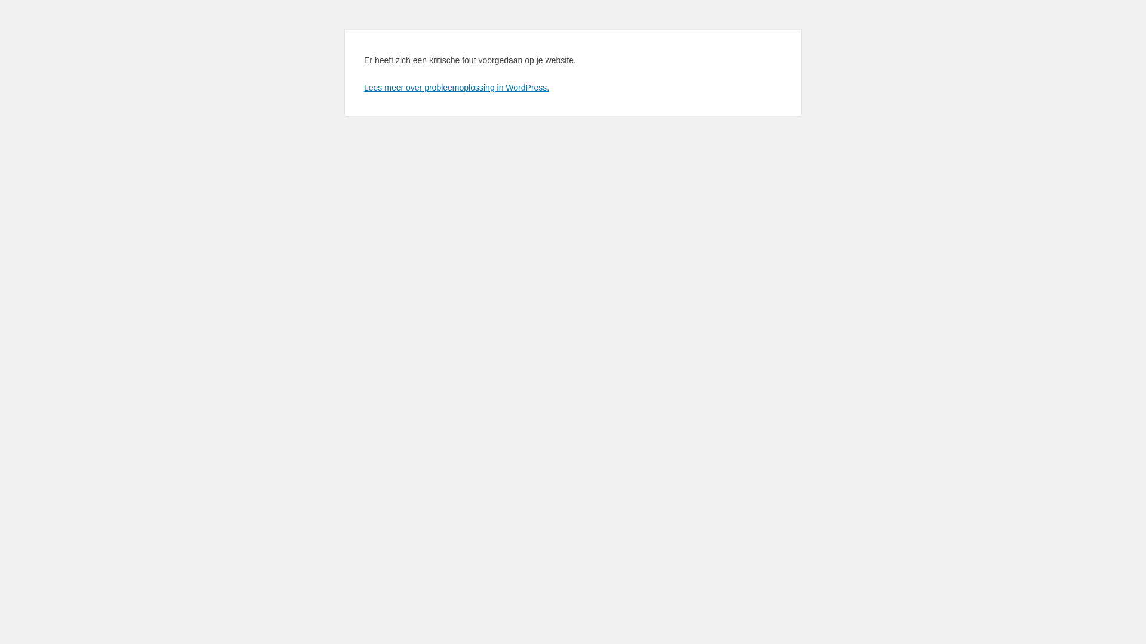 The image size is (1146, 644). What do you see at coordinates (455, 86) in the screenshot?
I see `'Lees meer over probleemoplossing in WordPress.'` at bounding box center [455, 86].